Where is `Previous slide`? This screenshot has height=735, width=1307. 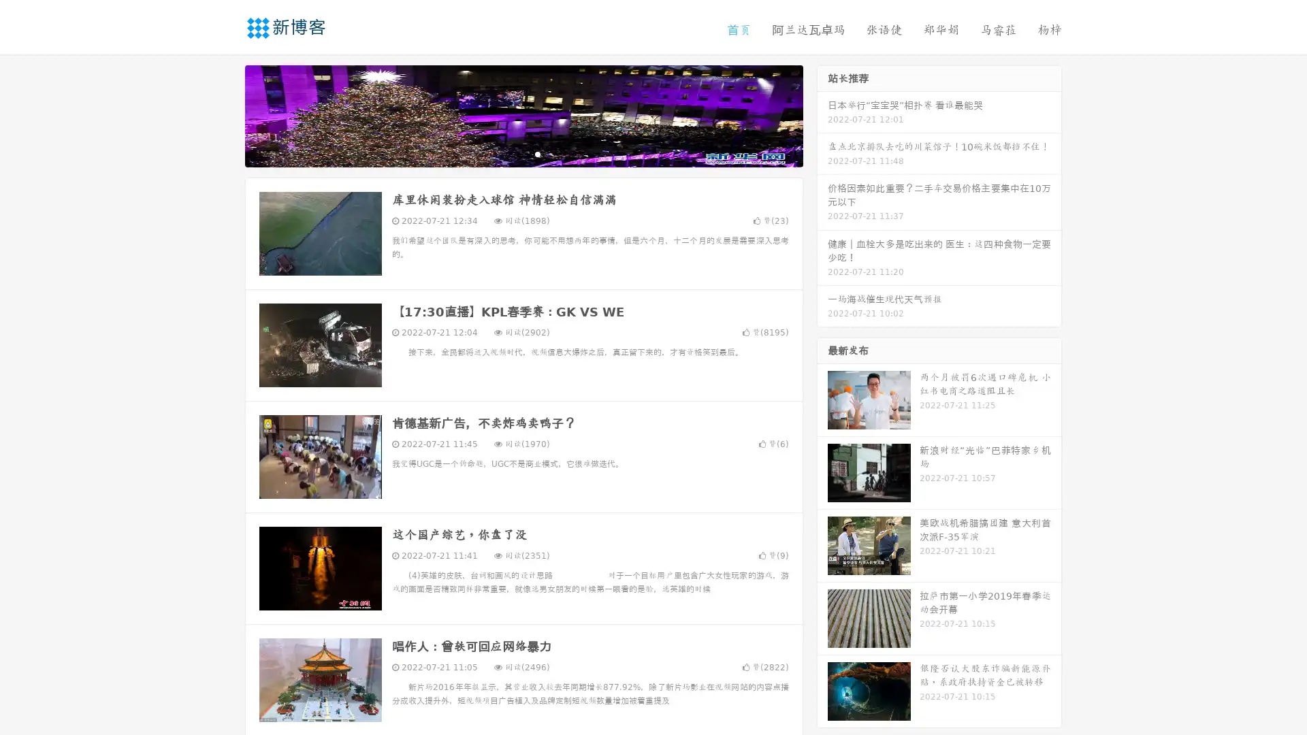
Previous slide is located at coordinates (225, 114).